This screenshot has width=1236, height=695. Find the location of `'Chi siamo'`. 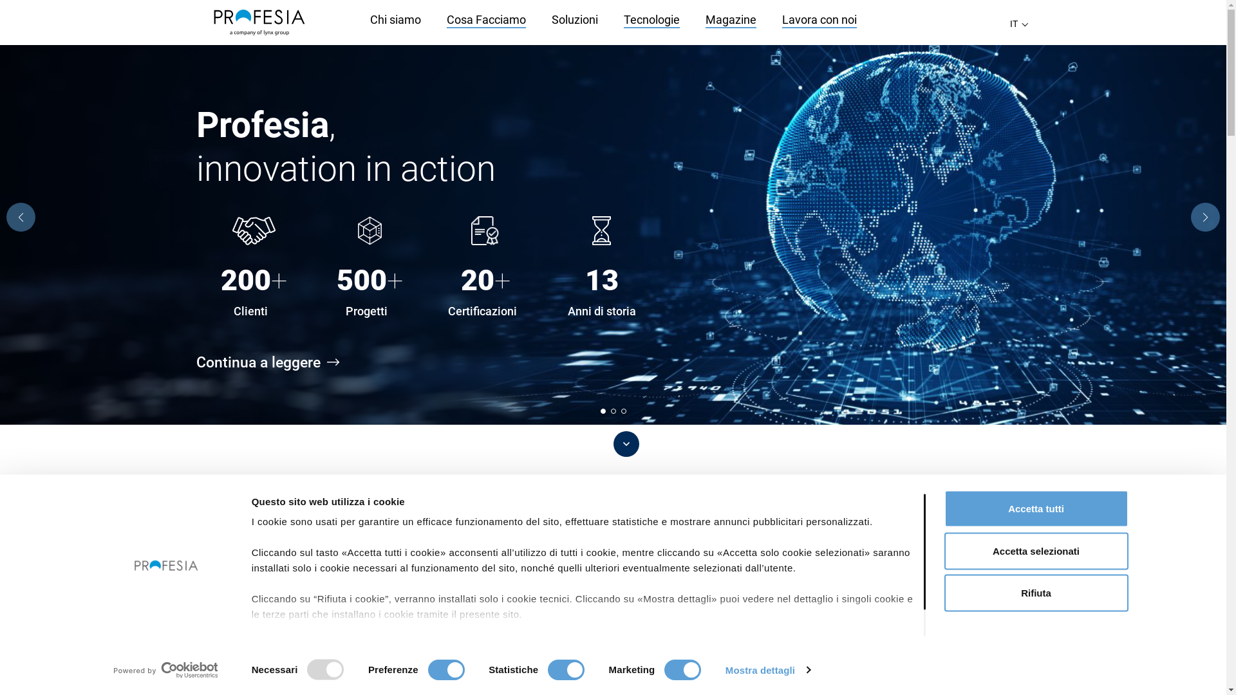

'Chi siamo' is located at coordinates (394, 19).